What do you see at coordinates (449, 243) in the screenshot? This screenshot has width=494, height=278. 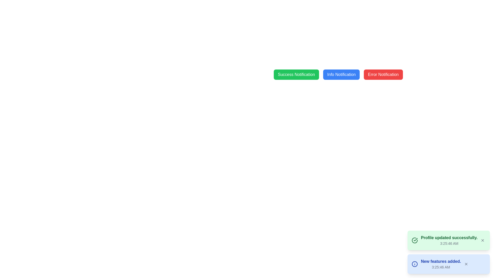 I see `the timestamp text label located underneath the main message 'Profile updated successfully' in the notification box to potentially reveal tooltip information` at bounding box center [449, 243].